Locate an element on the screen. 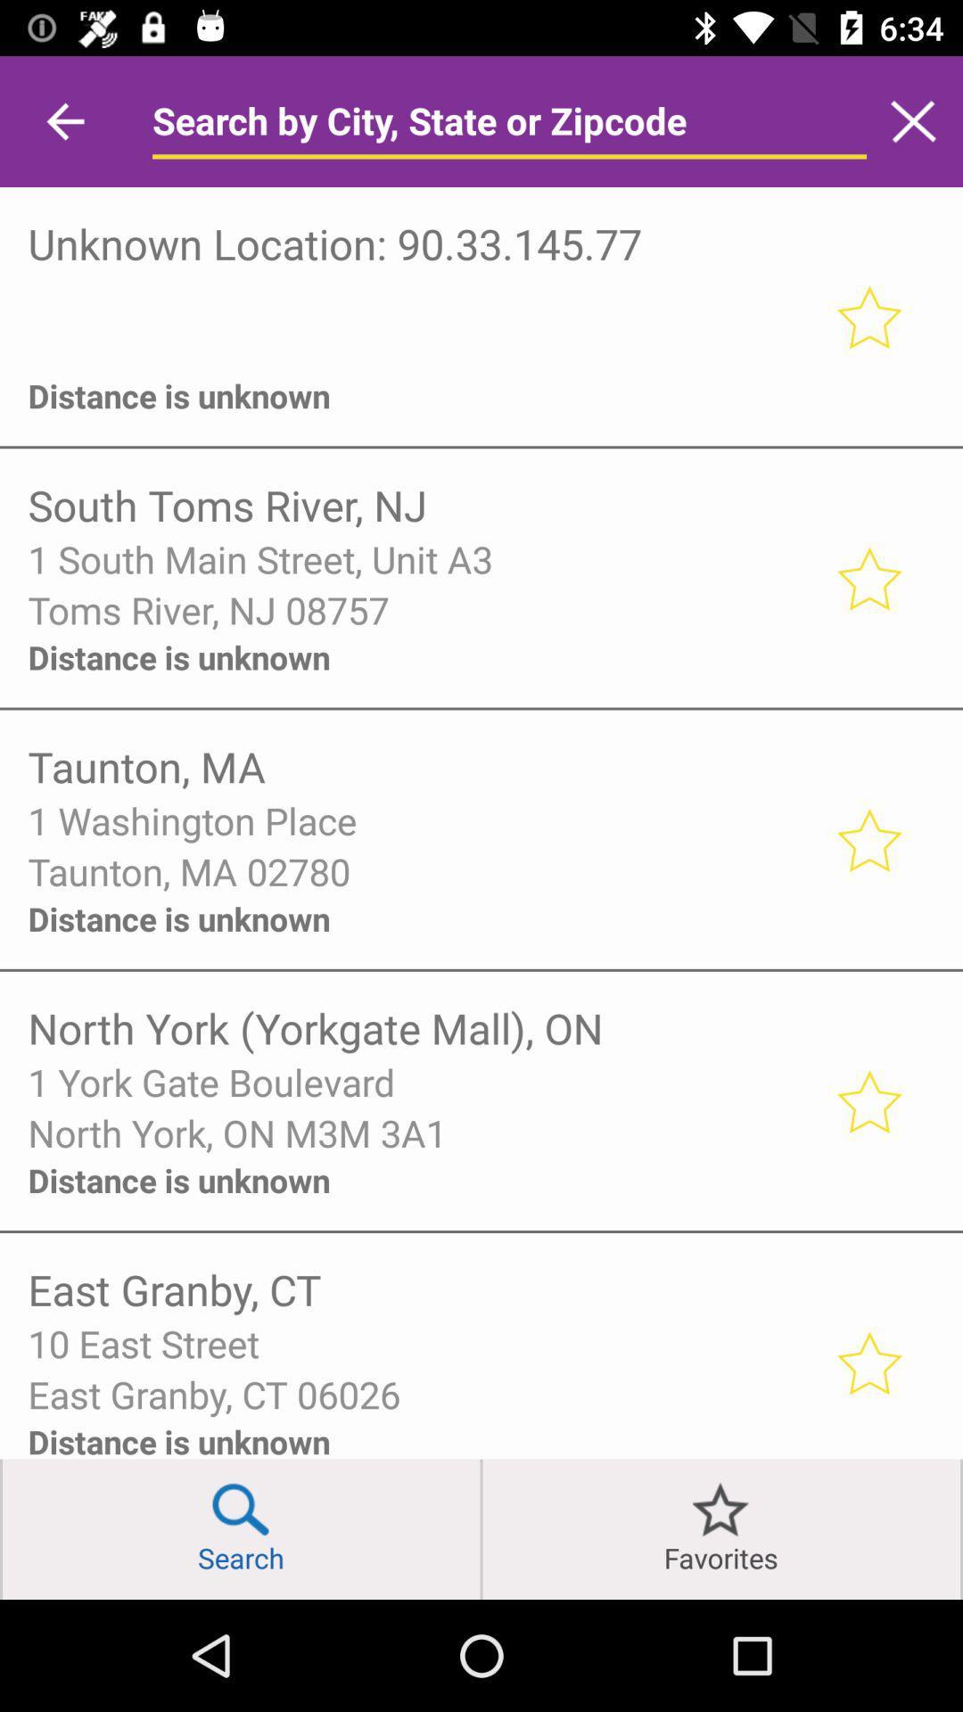  the address is located at coordinates (868, 1362).